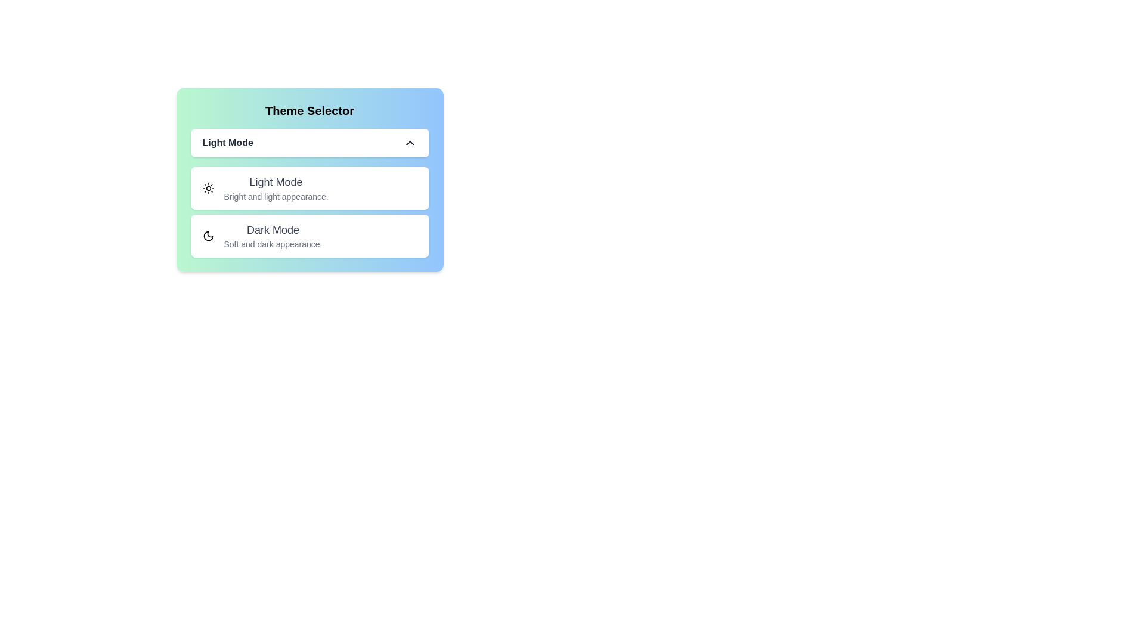 The width and height of the screenshot is (1145, 644). Describe the element at coordinates (310, 236) in the screenshot. I see `the theme Dark Mode by clicking on its respective option in the list` at that location.